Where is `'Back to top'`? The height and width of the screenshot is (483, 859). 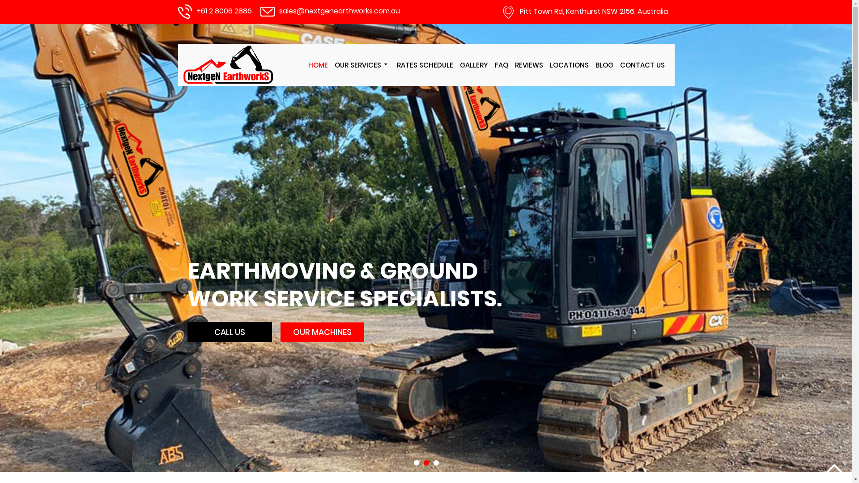
'Back to top' is located at coordinates (825, 468).